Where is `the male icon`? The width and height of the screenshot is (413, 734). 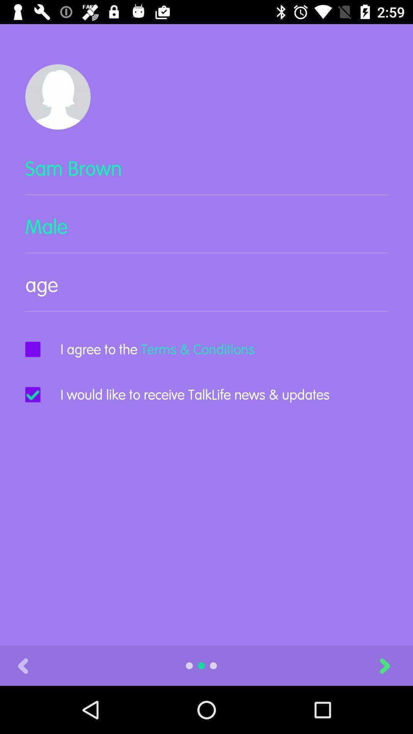
the male icon is located at coordinates (206, 232).